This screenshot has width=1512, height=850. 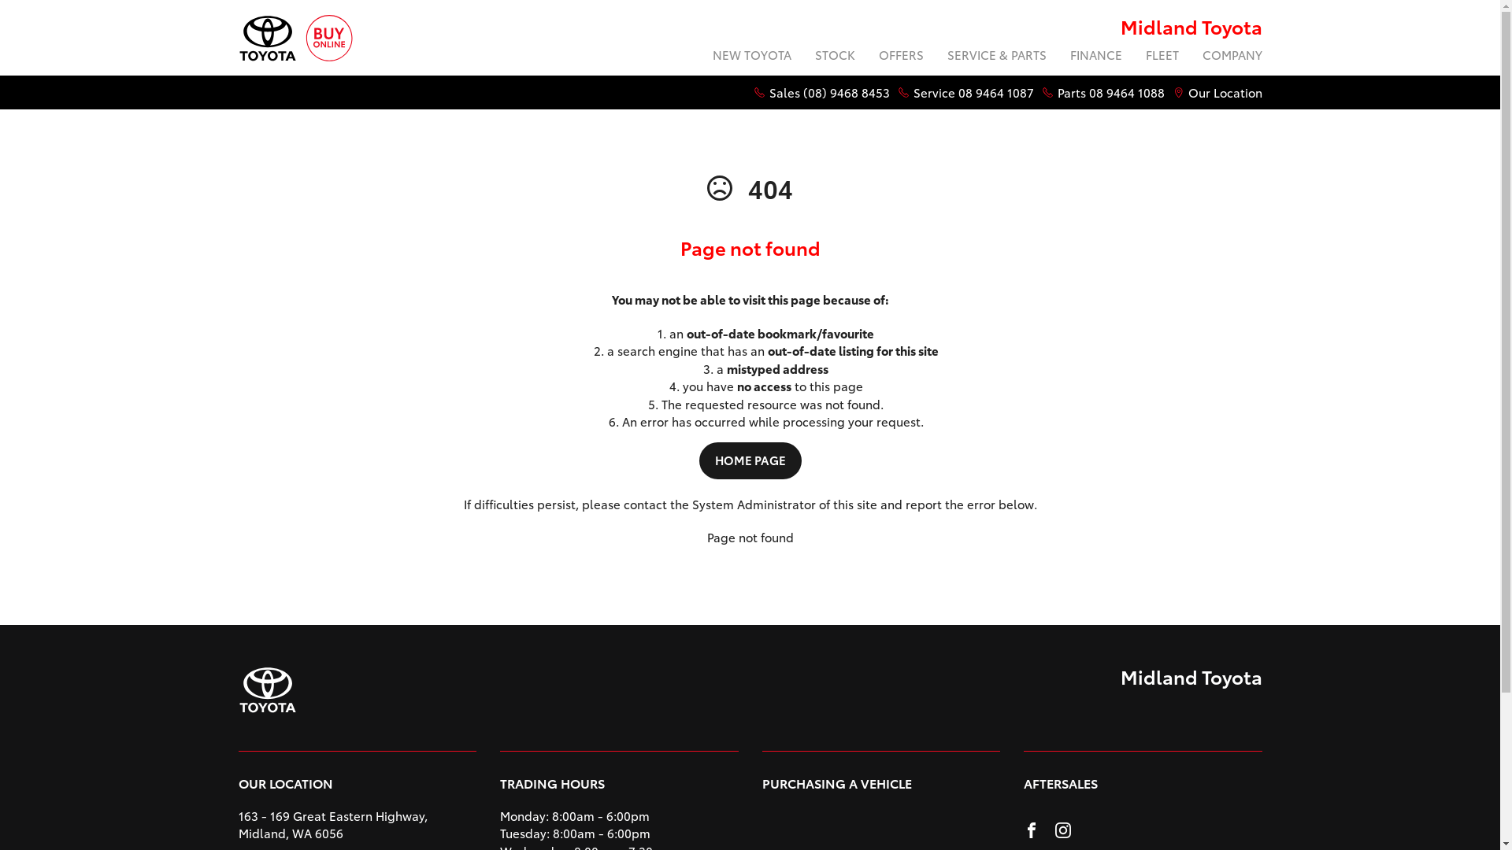 What do you see at coordinates (1058, 56) in the screenshot?
I see `'FINANCE'` at bounding box center [1058, 56].